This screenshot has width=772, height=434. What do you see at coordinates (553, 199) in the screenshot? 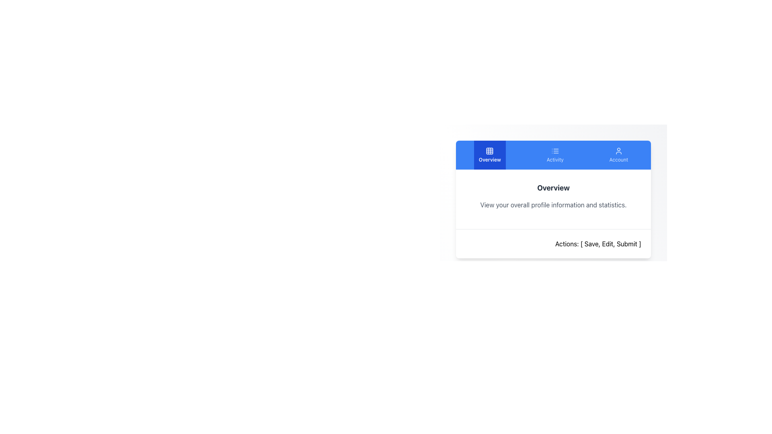
I see `information displayed in the Overview card component, which contains the title 'Overview', a description about profile information, and an actions section with options to Save, Edit, and Submit` at bounding box center [553, 199].